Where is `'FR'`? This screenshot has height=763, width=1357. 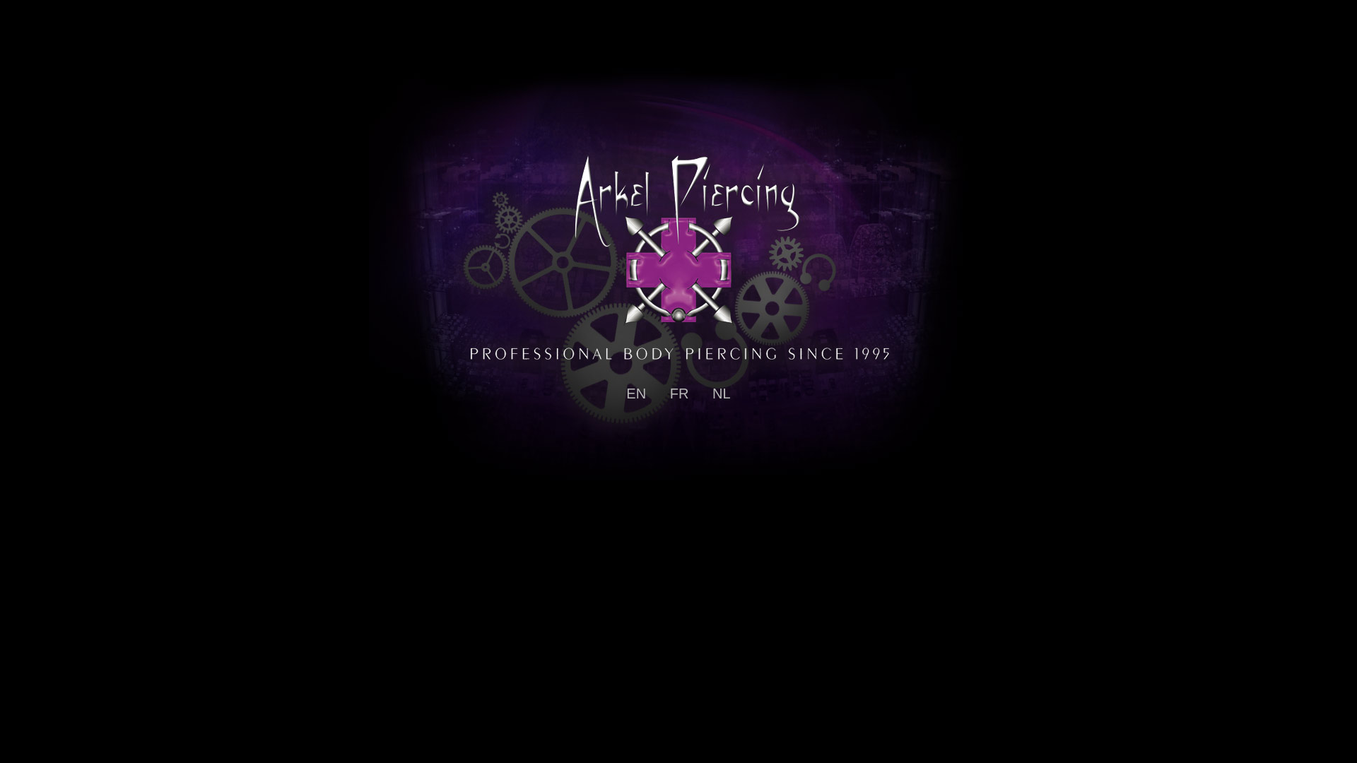
'FR' is located at coordinates (669, 393).